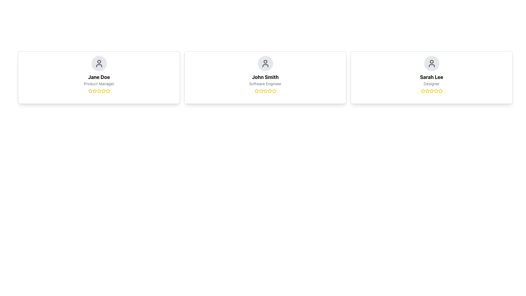 Image resolution: width=526 pixels, height=296 pixels. What do you see at coordinates (427, 90) in the screenshot?
I see `the third star in the 5-star rating system located below the name 'Sarah Lee' and the title 'Designer' on the profile card` at bounding box center [427, 90].